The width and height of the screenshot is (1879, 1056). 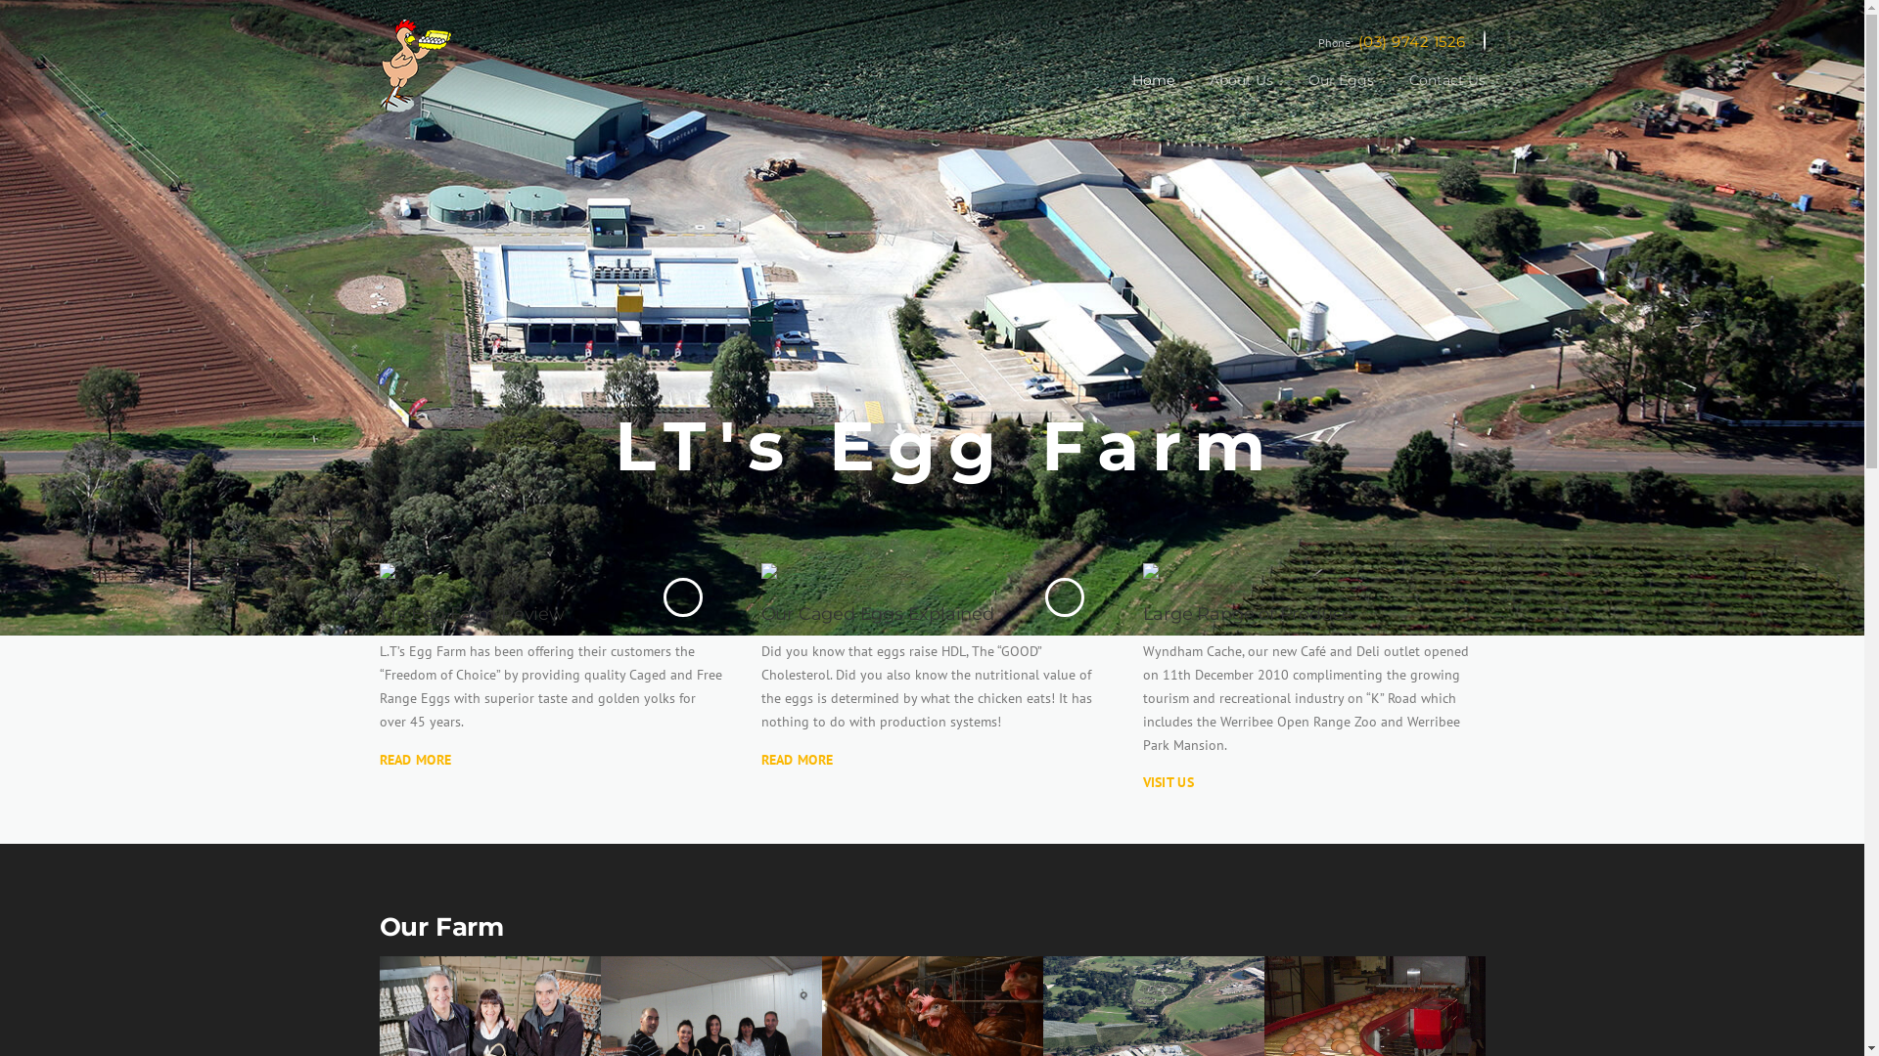 I want to click on 'Home', so click(x=1152, y=94).